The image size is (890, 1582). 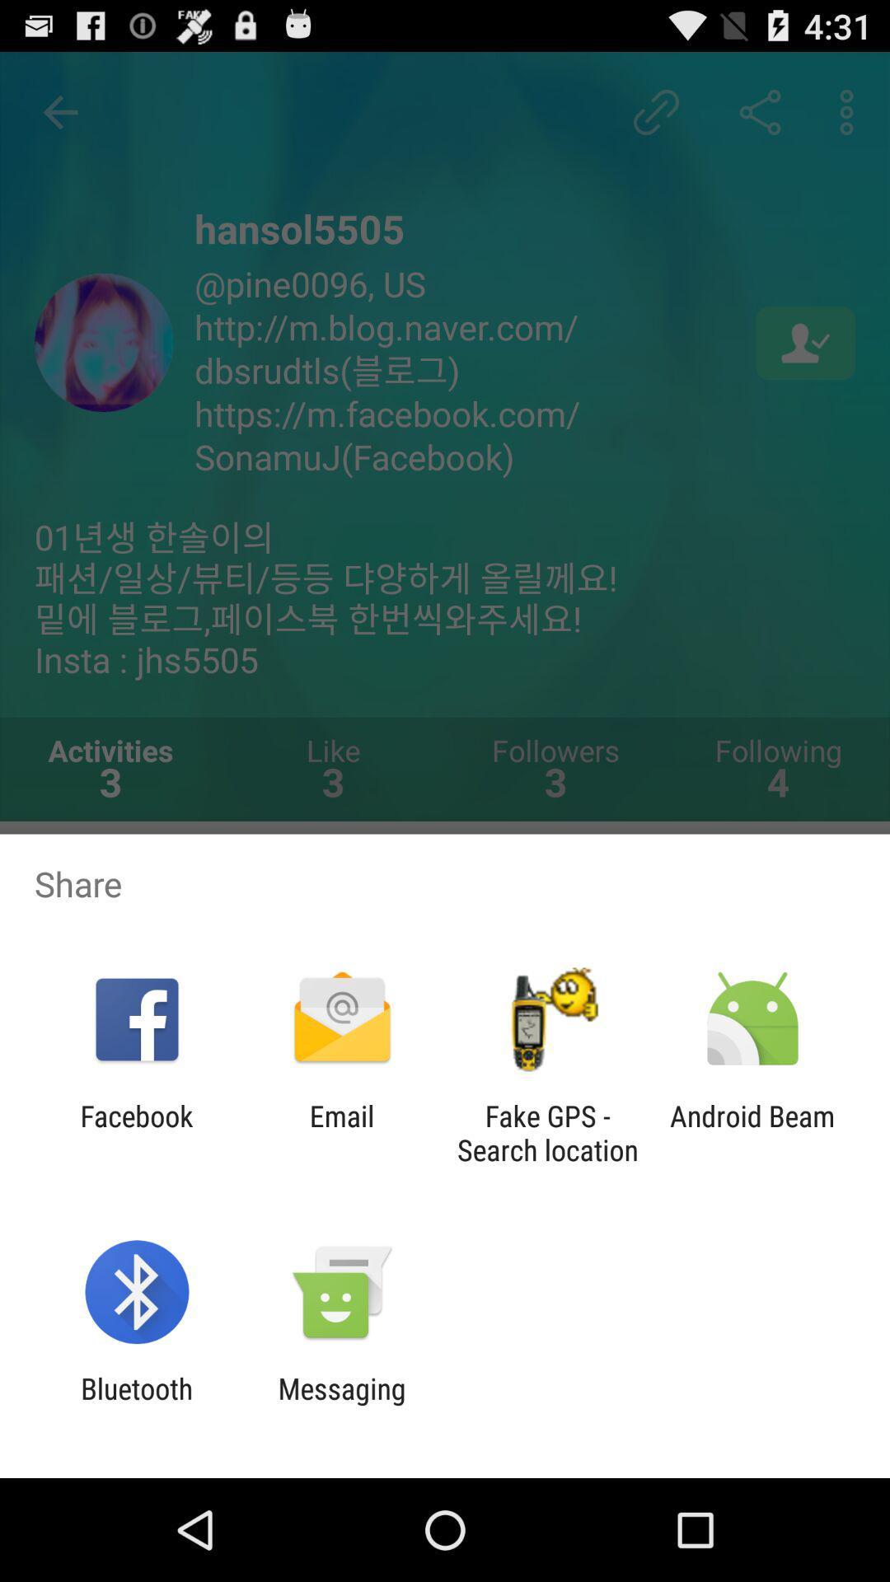 I want to click on the item to the left of the fake gps search app, so click(x=341, y=1132).